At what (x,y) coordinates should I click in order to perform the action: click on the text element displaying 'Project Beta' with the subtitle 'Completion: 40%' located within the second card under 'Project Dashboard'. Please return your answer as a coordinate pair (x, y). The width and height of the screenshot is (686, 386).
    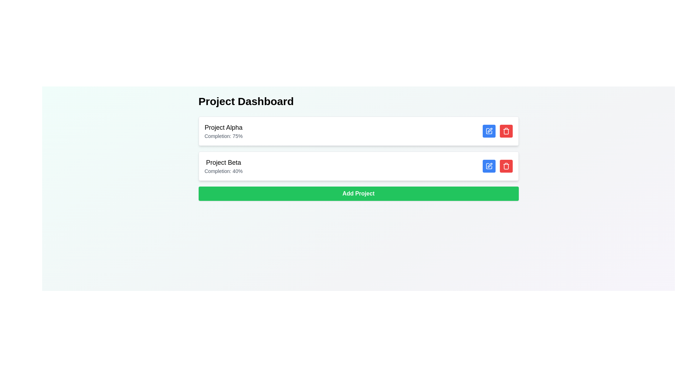
    Looking at the image, I should click on (223, 166).